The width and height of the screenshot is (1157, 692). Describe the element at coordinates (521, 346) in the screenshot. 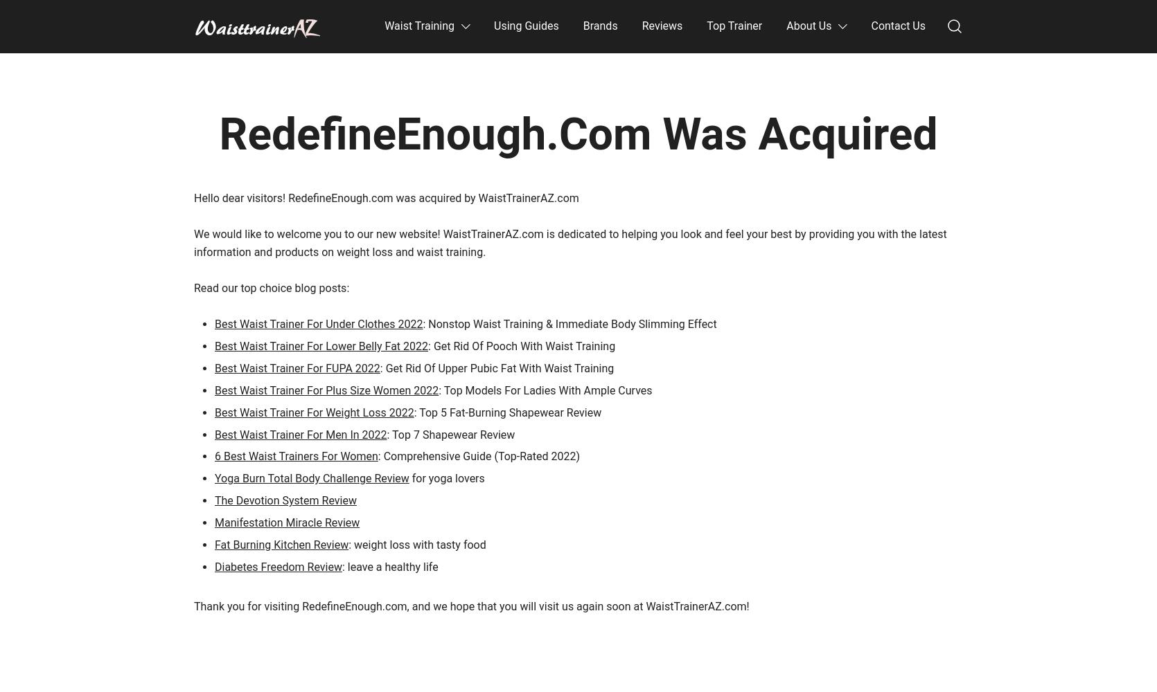

I see `': Get Rid Of Pooch With Waist Training'` at that location.